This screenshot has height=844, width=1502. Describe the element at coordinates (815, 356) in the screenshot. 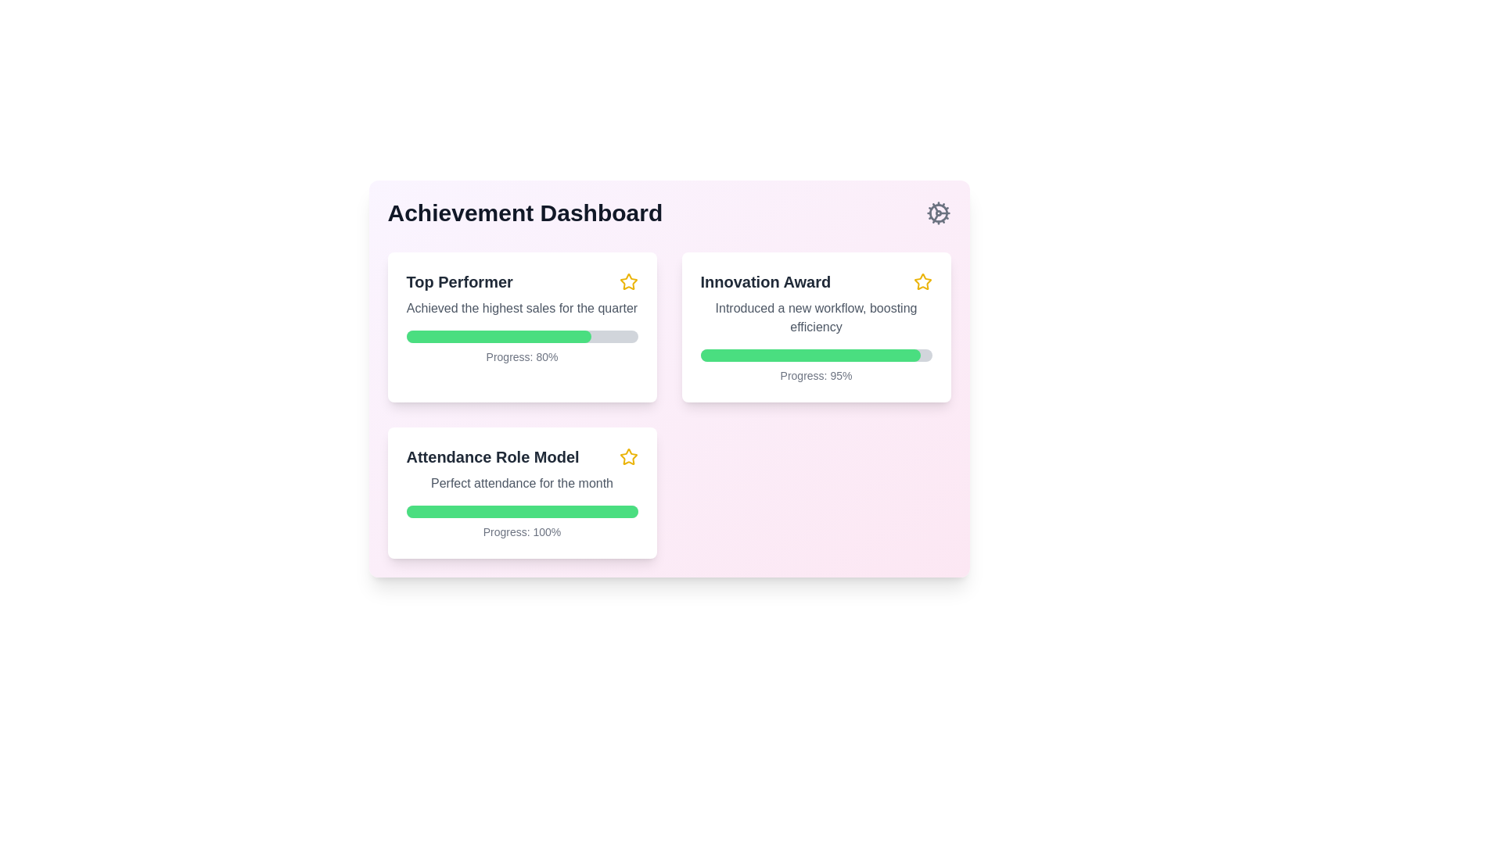

I see `the Progress bar representing the 'Innovation Award' achievement, which visually indicates a completion percentage of 95%` at that location.